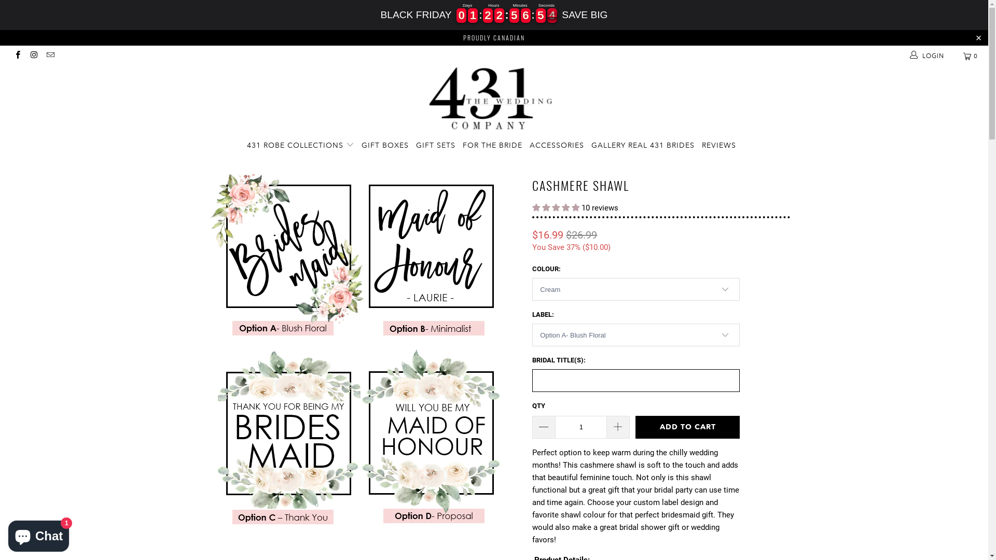  Describe the element at coordinates (642, 145) in the screenshot. I see `'GALLERY REAL 431 BRIDES'` at that location.